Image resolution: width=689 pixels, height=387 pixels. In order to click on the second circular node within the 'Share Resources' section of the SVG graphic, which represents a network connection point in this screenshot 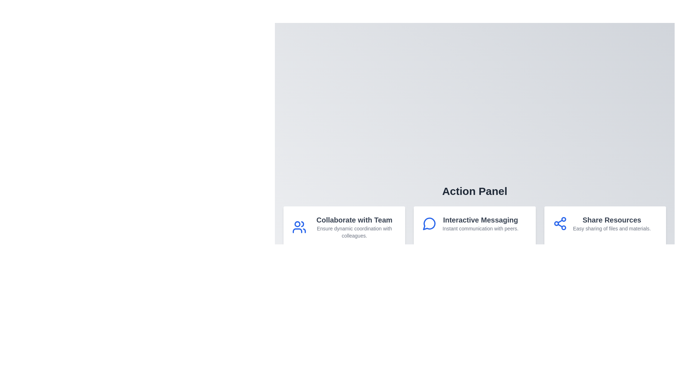, I will do `click(556, 223)`.